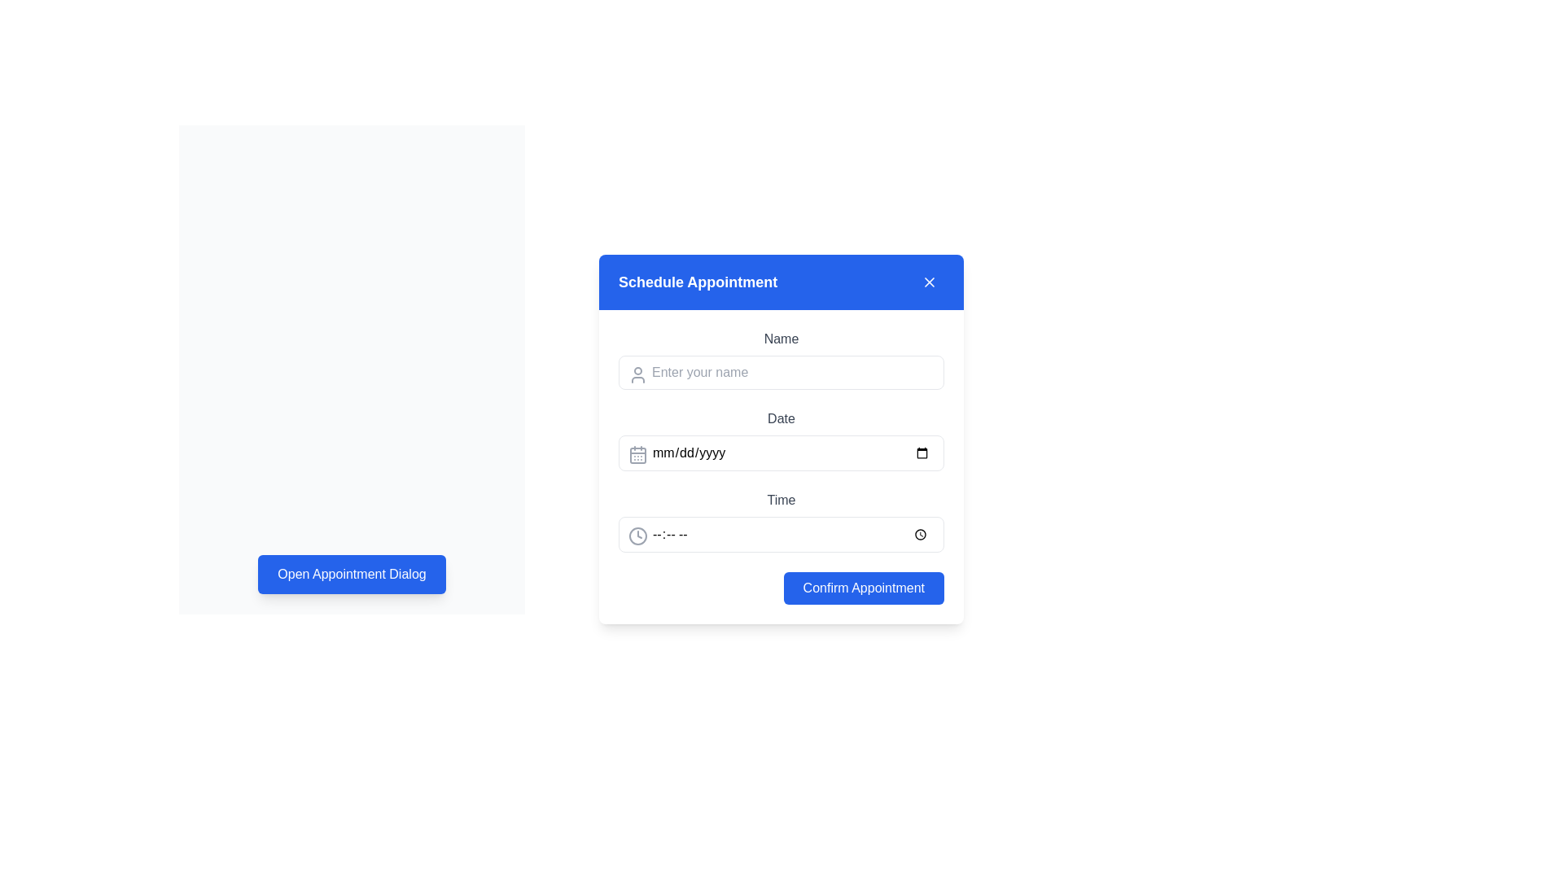 The width and height of the screenshot is (1563, 879). I want to click on the 'Confirm Appointment' button with a blue background and white text, located at the bottom right of the 'Schedule Appointment' dialog box, to interact with keyboard inputs, so click(863, 588).